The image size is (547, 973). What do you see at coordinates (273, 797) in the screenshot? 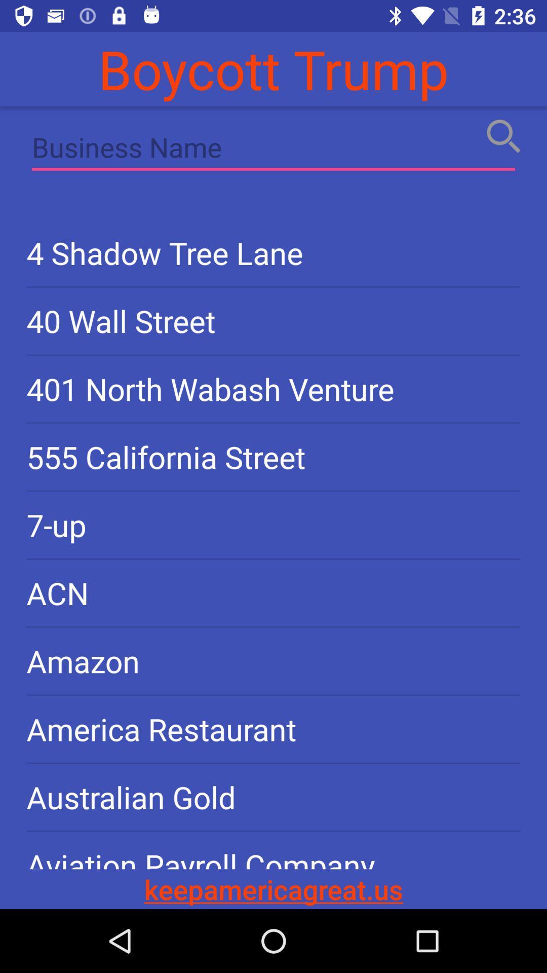
I see `icon above aviation payroll company` at bounding box center [273, 797].